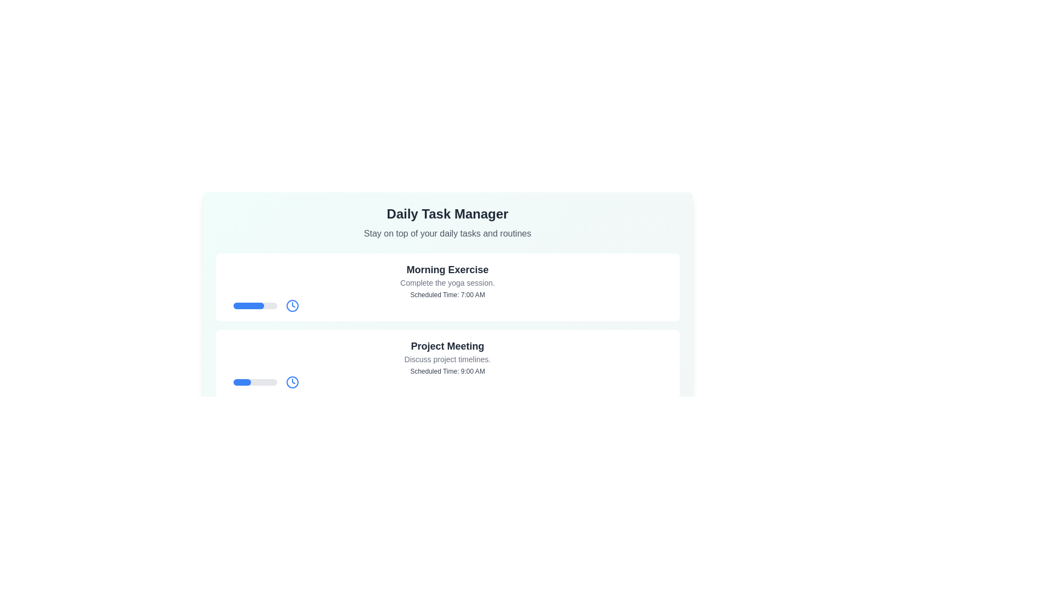 Image resolution: width=1050 pixels, height=590 pixels. What do you see at coordinates (452, 305) in the screenshot?
I see `progress completion of the 'Morning Exercise' progress indicator located at the bottom of the card, which spans most of the card's width` at bounding box center [452, 305].